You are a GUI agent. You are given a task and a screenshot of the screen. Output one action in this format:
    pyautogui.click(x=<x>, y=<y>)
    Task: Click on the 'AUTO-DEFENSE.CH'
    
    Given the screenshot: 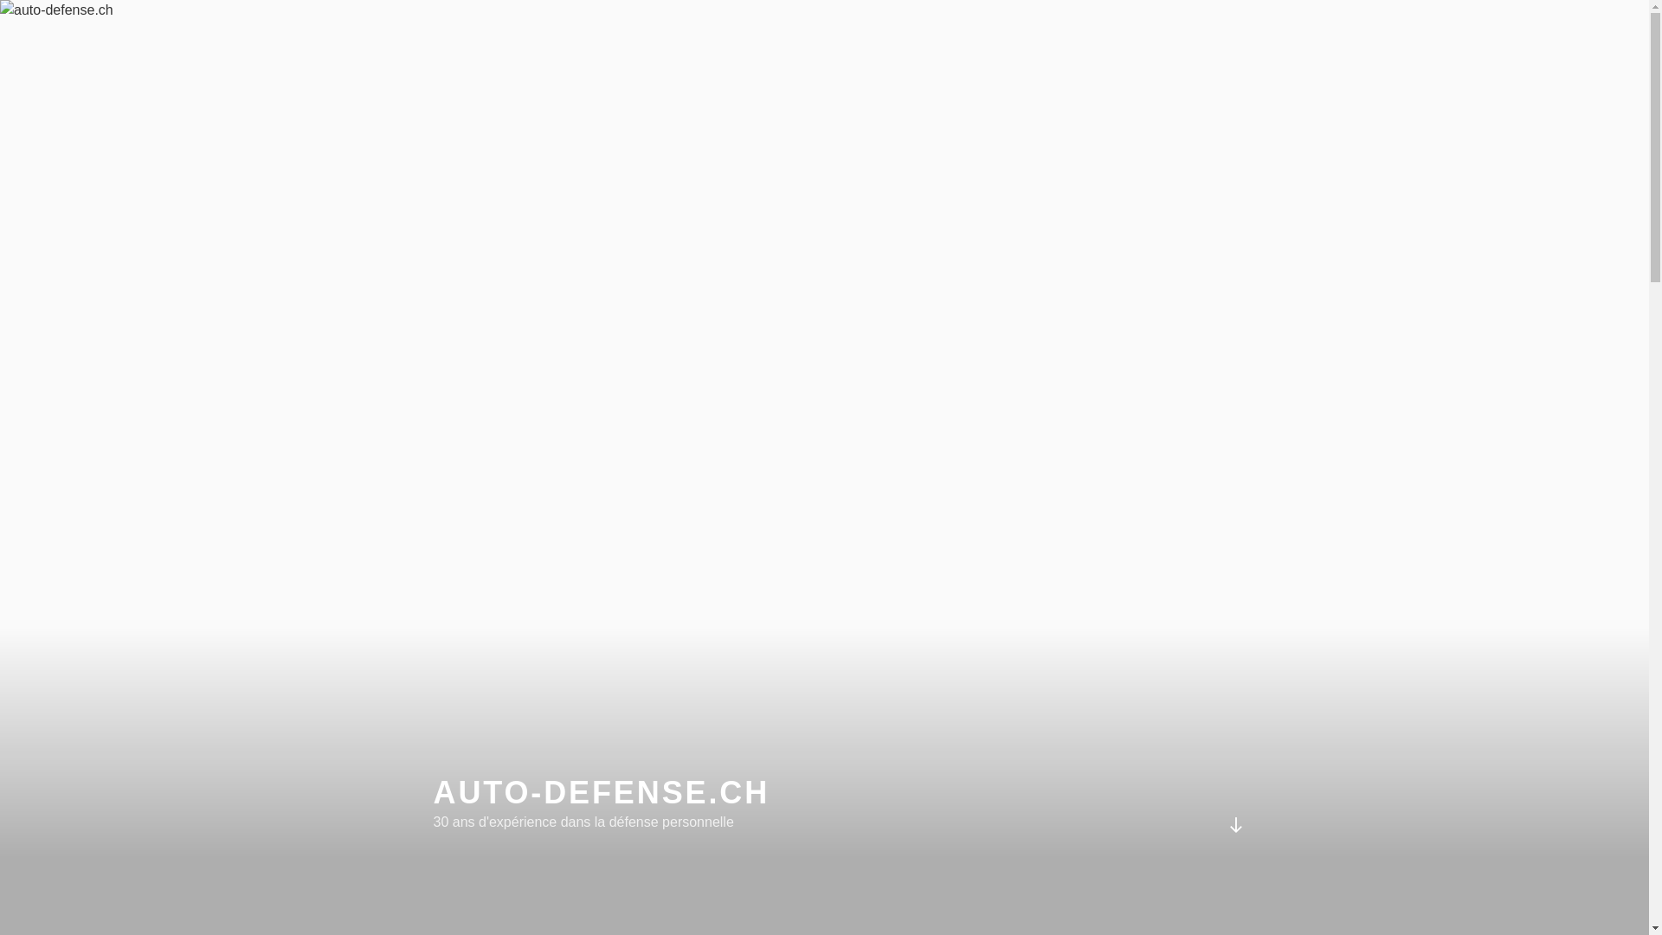 What is the action you would take?
    pyautogui.click(x=601, y=792)
    